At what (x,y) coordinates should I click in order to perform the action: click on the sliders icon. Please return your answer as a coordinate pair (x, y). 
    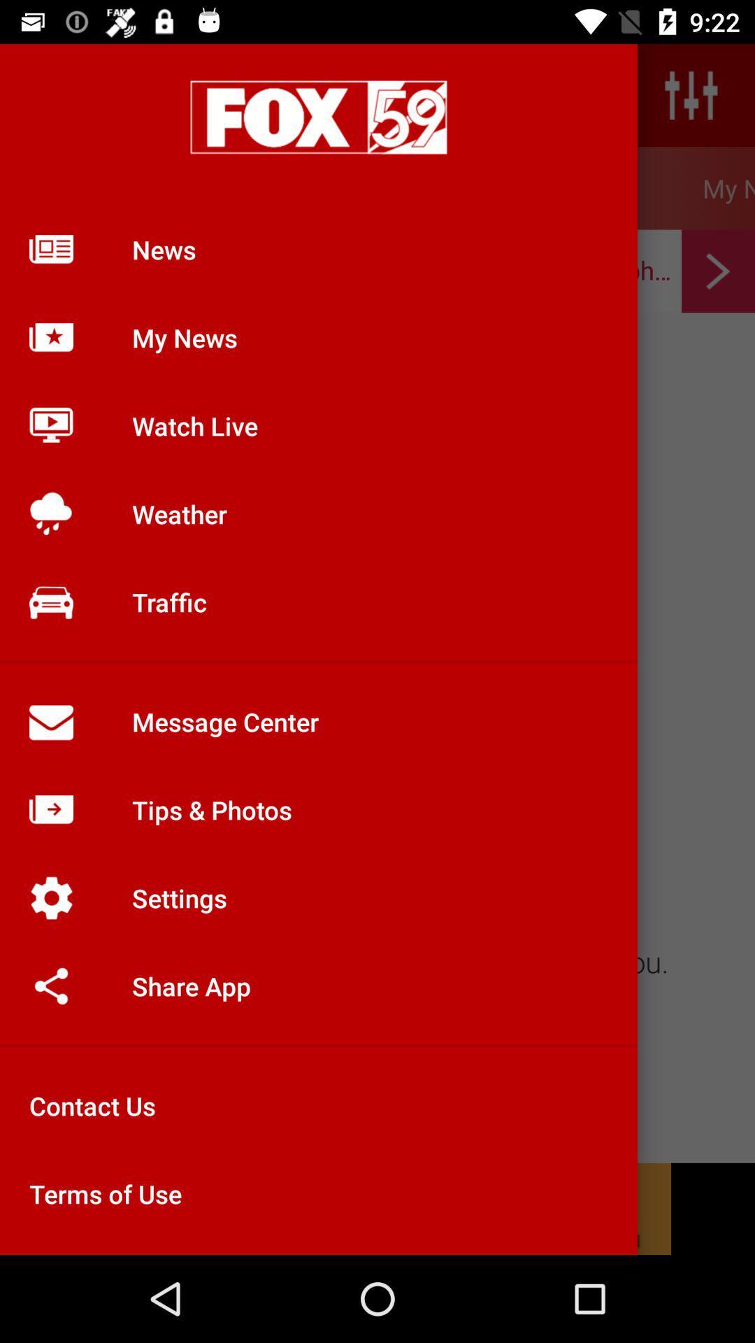
    Looking at the image, I should click on (690, 94).